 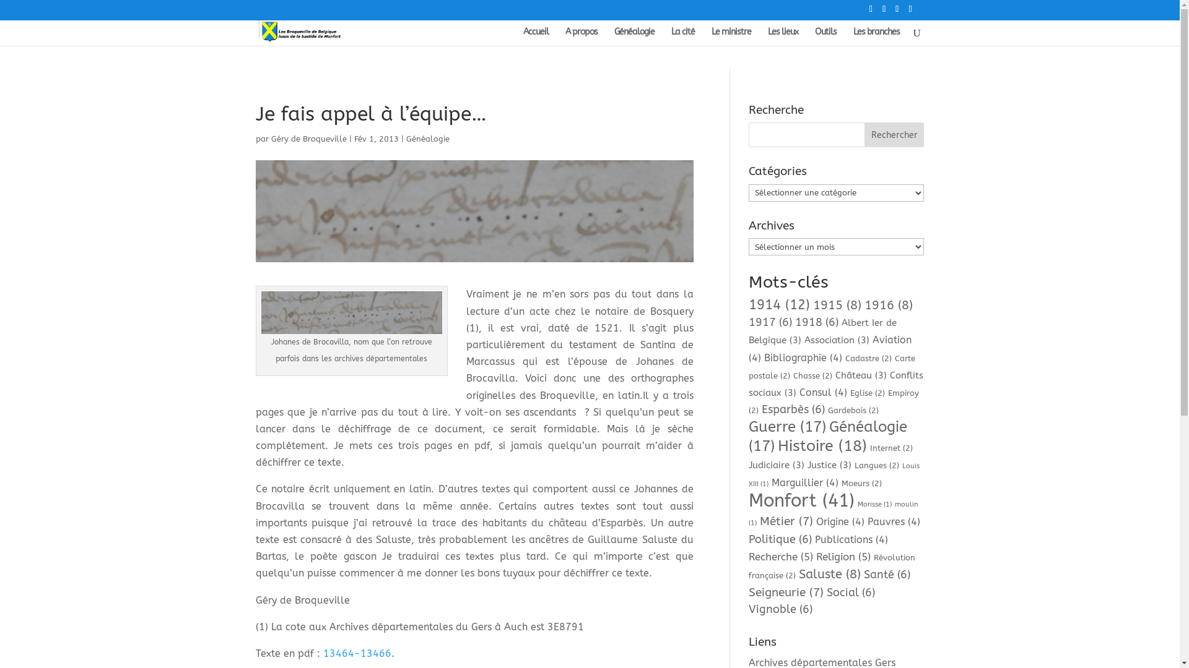 I want to click on 'Bibliographie (4)', so click(x=763, y=358).